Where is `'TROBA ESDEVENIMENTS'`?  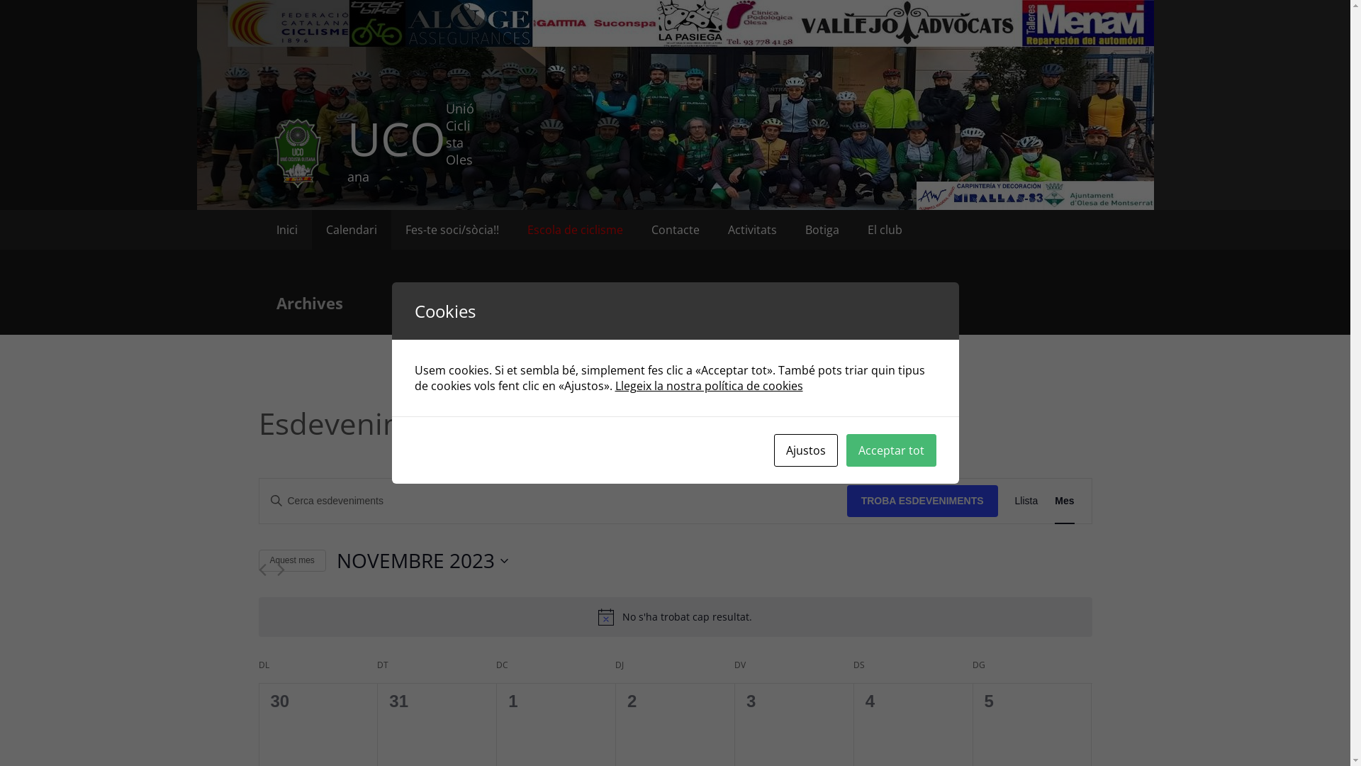
'TROBA ESDEVENIMENTS' is located at coordinates (922, 500).